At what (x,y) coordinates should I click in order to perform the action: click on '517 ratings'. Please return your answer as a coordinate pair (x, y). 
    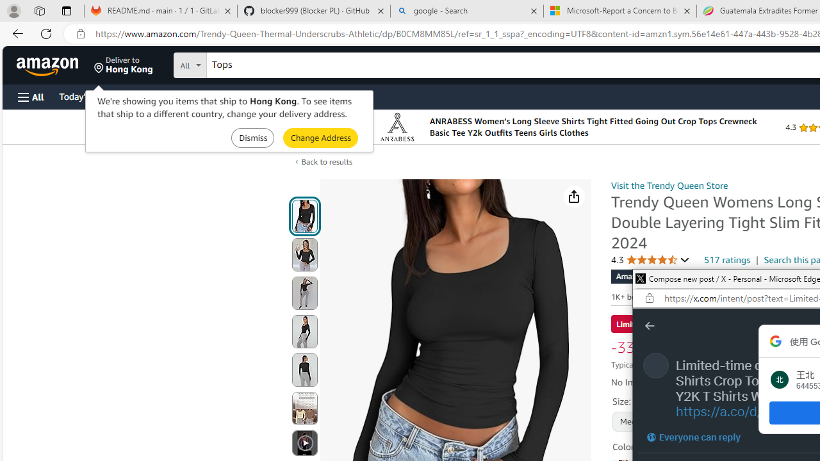
    Looking at the image, I should click on (728, 259).